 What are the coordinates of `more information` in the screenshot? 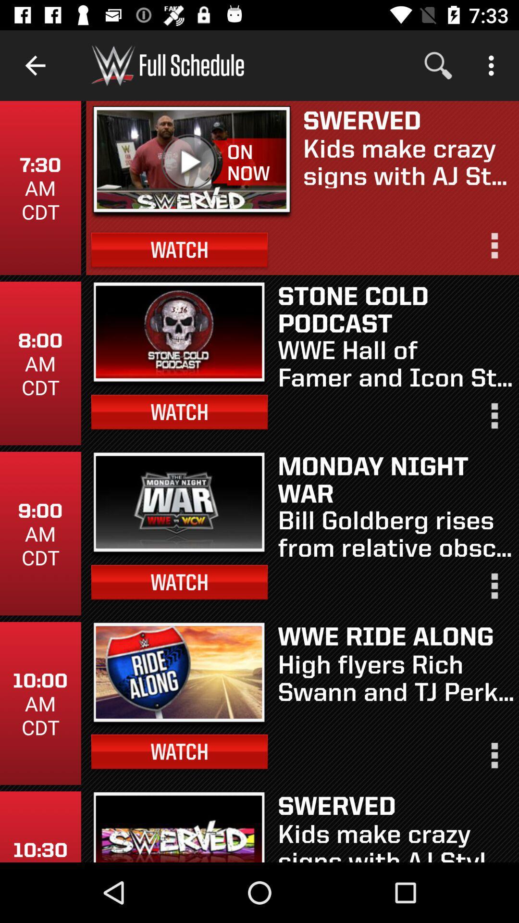 It's located at (494, 249).